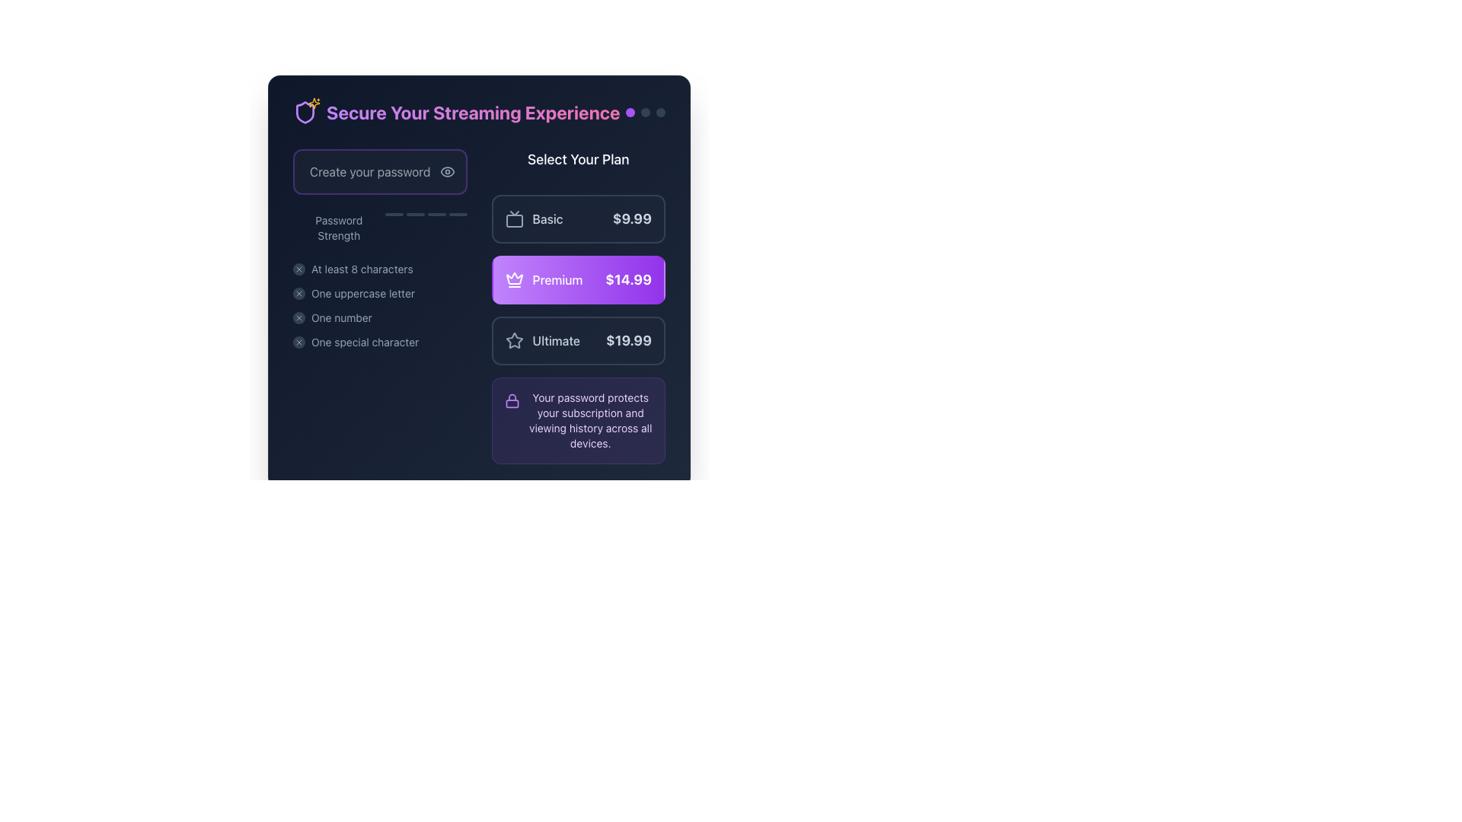 This screenshot has height=822, width=1462. Describe the element at coordinates (577, 420) in the screenshot. I see `the informational component that provides details about the significance of the password in securing the subscription and viewing history, located at the bottom of the 'Select Your Plan' section` at that location.